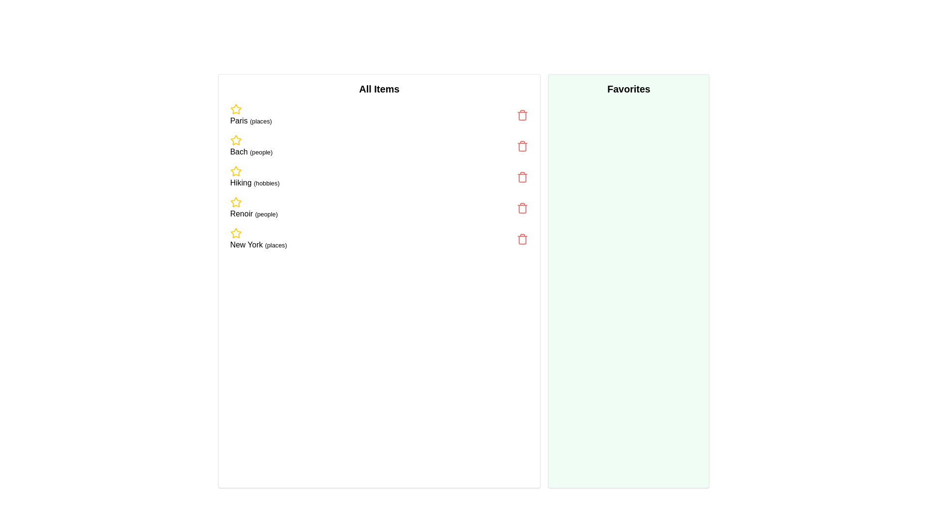  What do you see at coordinates (522, 115) in the screenshot?
I see `the trash icon next to the item labeled 'Paris (places)' to remove it from the list` at bounding box center [522, 115].